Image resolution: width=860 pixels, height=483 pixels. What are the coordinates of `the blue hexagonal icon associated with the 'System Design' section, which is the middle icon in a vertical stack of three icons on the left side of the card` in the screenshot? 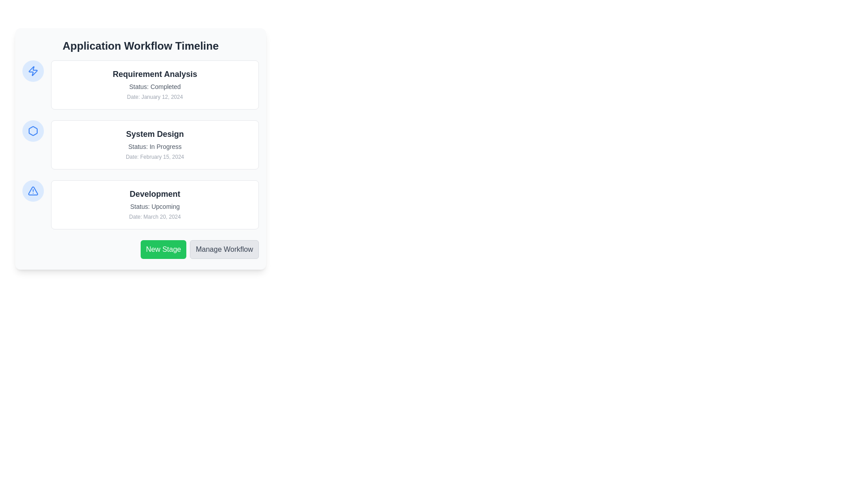 It's located at (33, 131).